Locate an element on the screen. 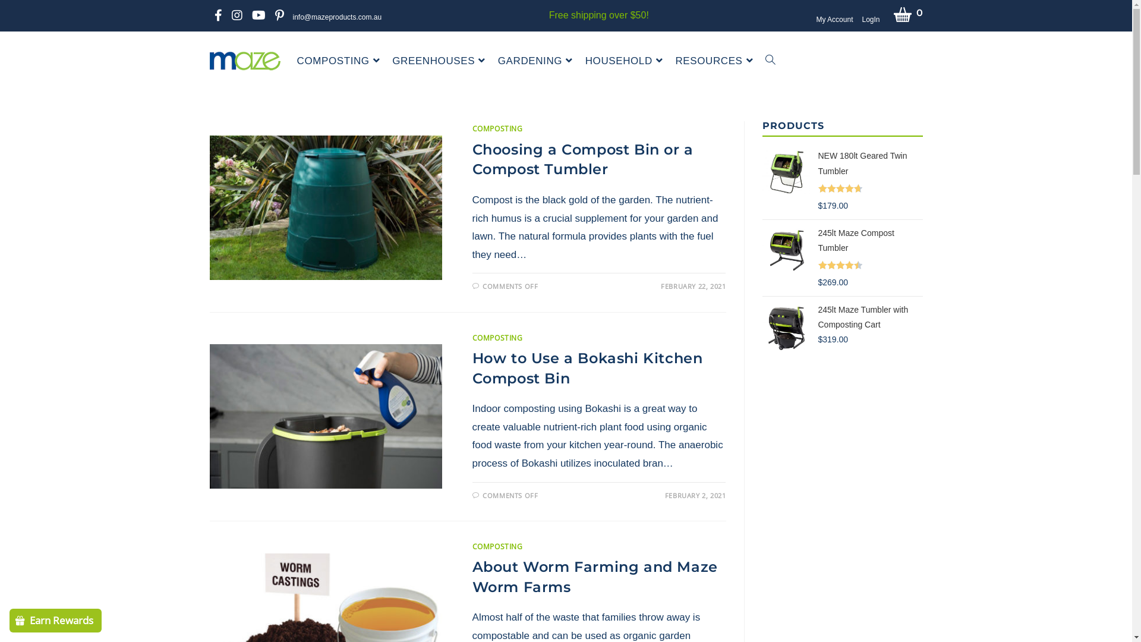 The height and width of the screenshot is (642, 1141). 'COMPOSTING' is located at coordinates (497, 546).